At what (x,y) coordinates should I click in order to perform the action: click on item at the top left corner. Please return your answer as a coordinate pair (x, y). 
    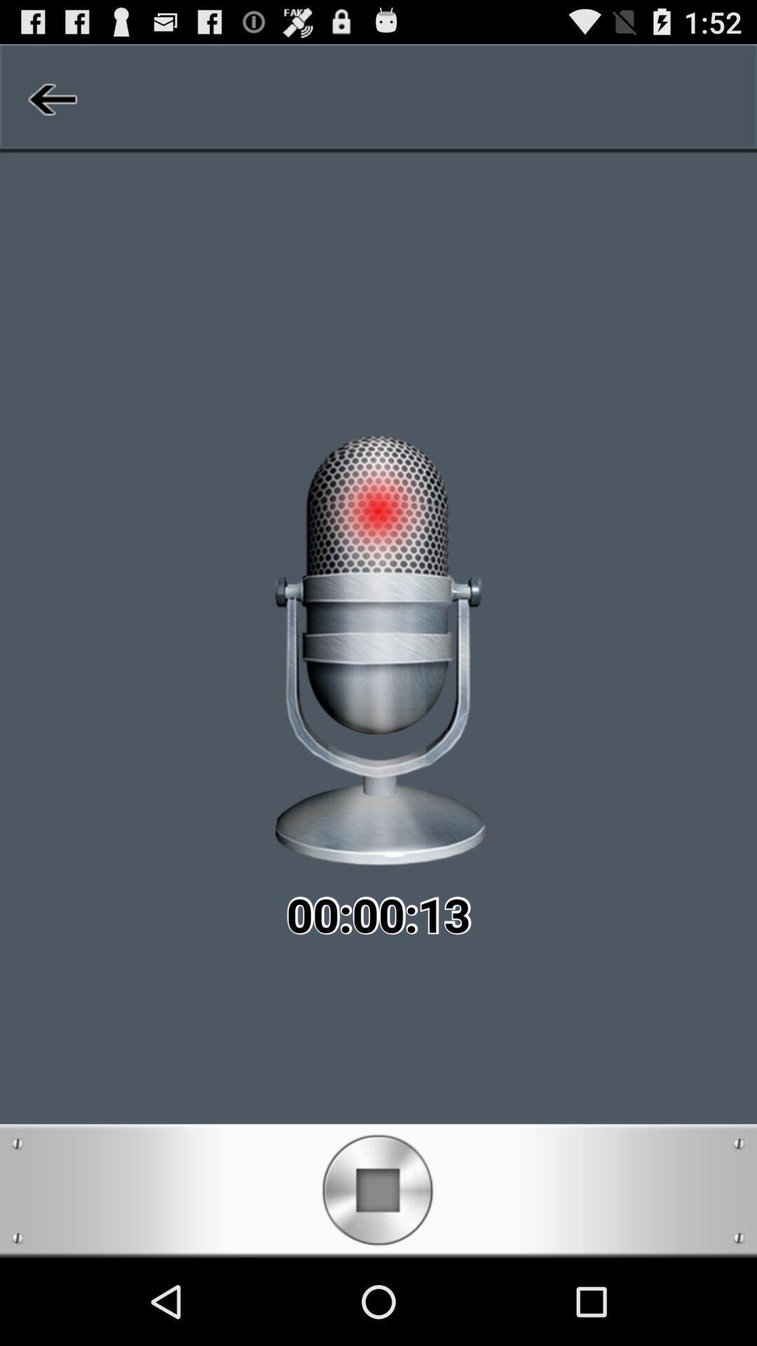
    Looking at the image, I should click on (50, 98).